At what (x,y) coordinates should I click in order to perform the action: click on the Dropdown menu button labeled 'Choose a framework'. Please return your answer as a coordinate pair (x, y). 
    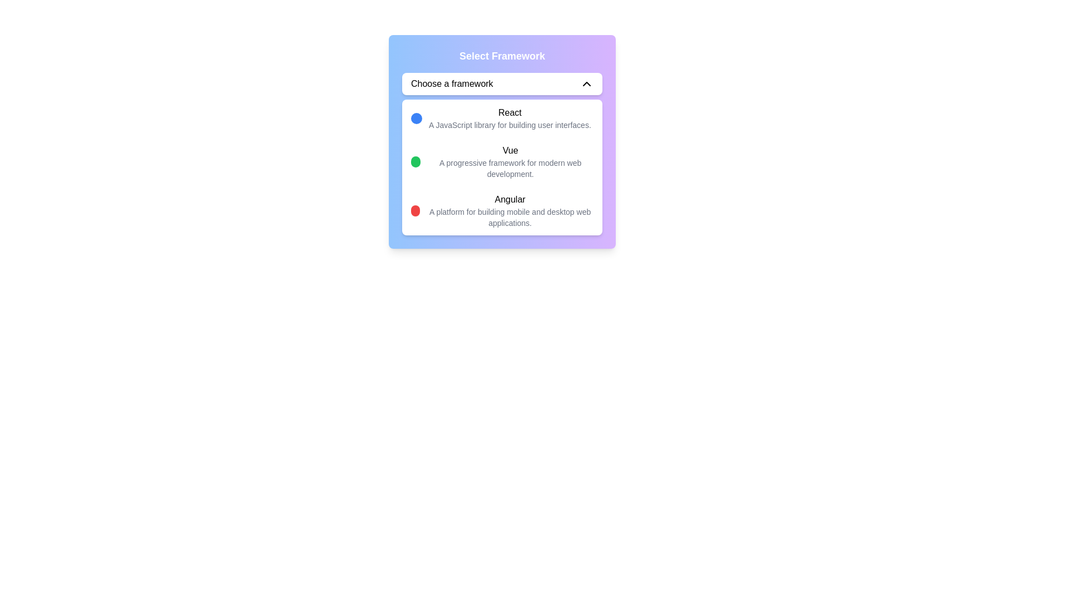
    Looking at the image, I should click on (501, 83).